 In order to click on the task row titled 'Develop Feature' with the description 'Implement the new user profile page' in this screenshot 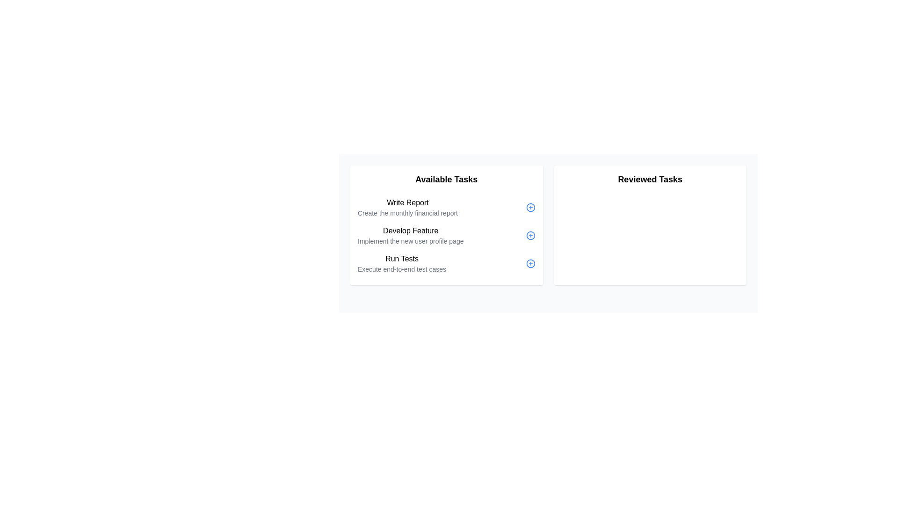, I will do `click(446, 235)`.